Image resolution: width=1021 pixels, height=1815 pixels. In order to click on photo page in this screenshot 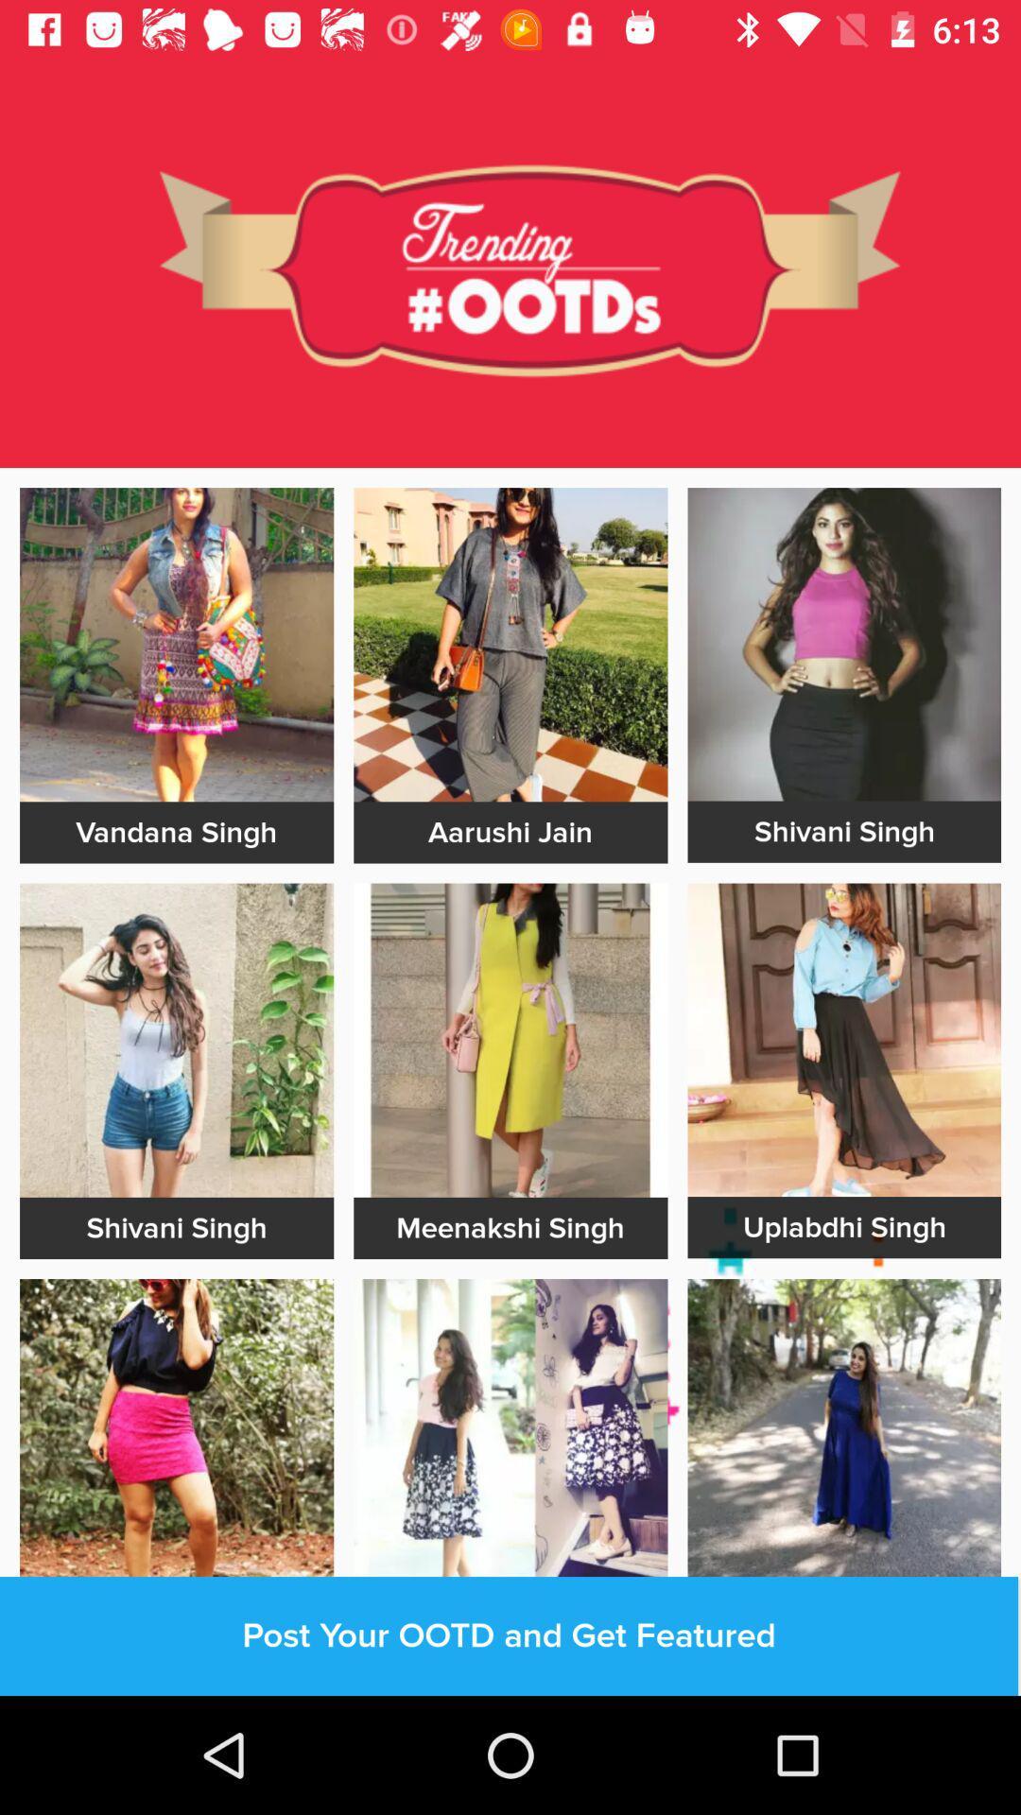, I will do `click(510, 645)`.